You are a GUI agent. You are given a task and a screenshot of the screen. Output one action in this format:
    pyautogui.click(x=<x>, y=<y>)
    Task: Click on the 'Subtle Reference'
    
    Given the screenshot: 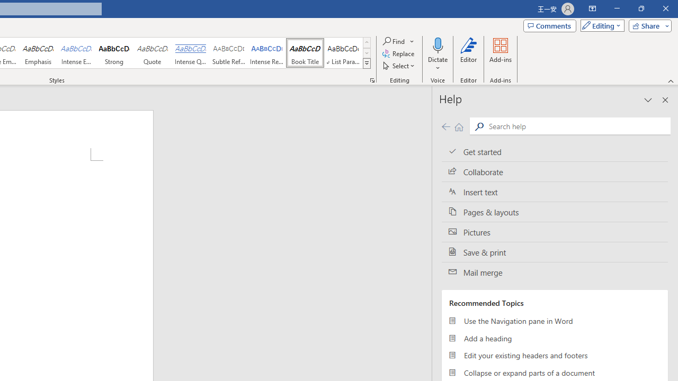 What is the action you would take?
    pyautogui.click(x=228, y=53)
    